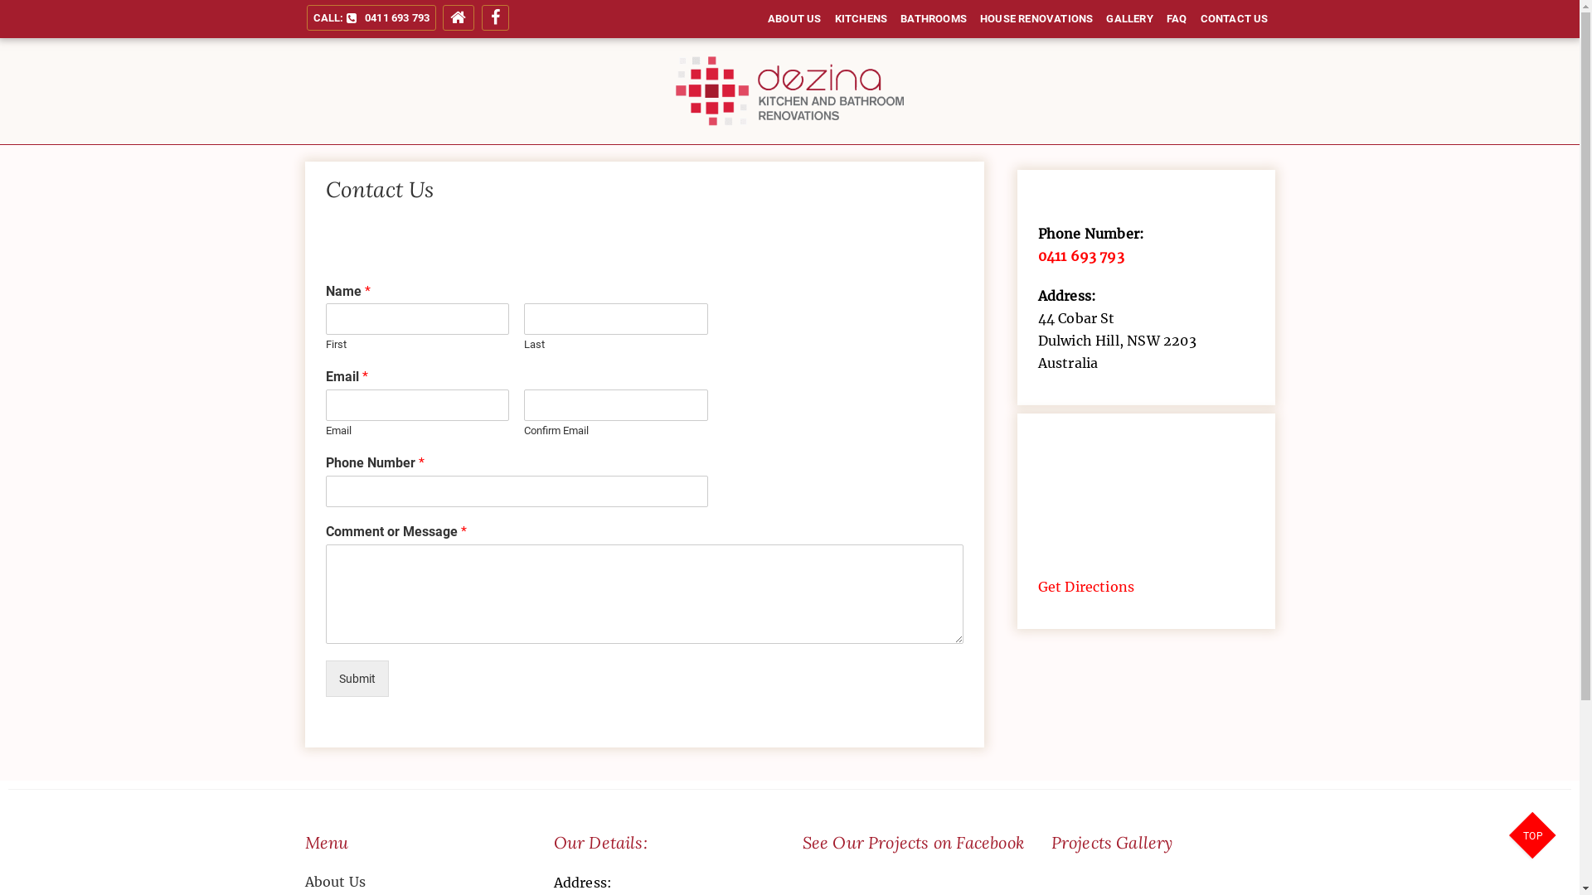 This screenshot has width=1592, height=895. I want to click on 'Home Page', so click(442, 17).